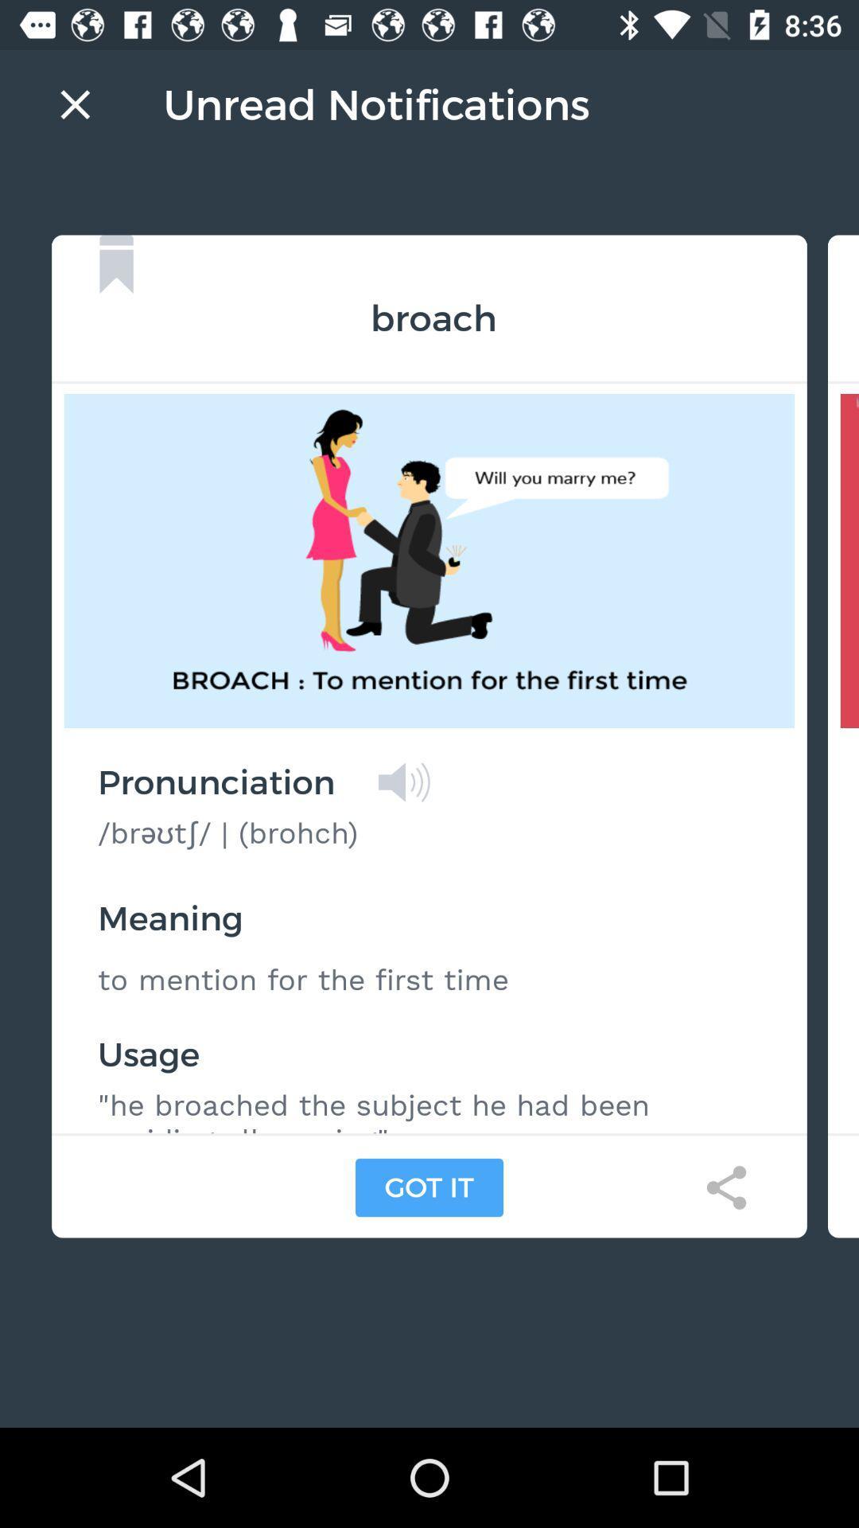 This screenshot has height=1528, width=859. I want to click on the volume icon, so click(403, 782).